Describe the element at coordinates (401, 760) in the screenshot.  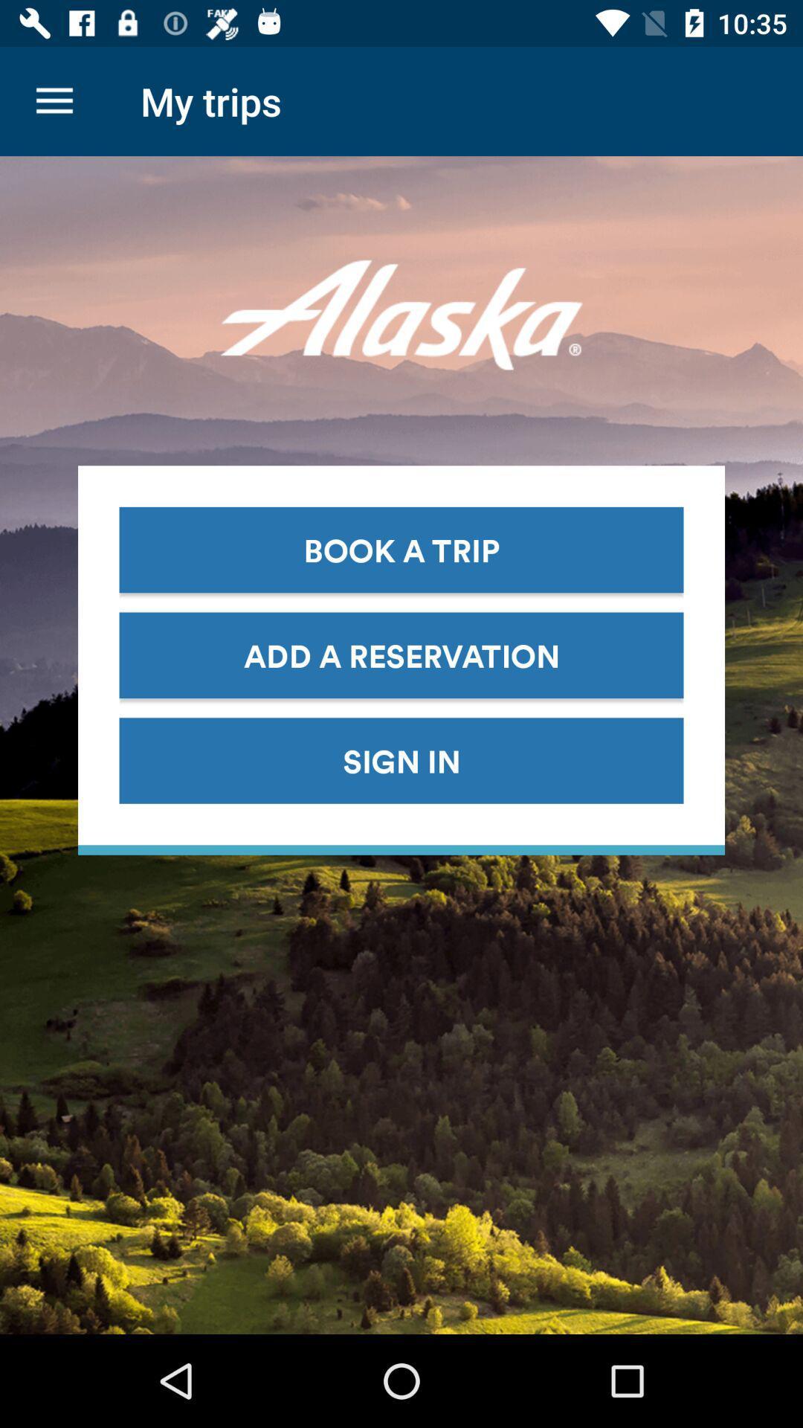
I see `sign in` at that location.